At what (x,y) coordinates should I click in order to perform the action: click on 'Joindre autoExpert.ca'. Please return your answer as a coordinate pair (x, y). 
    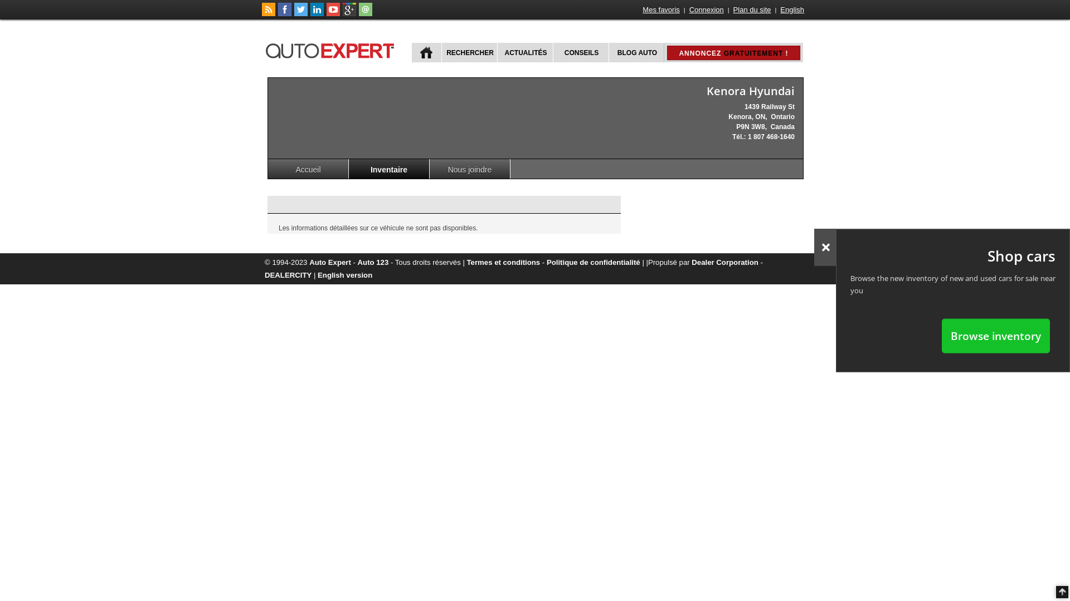
    Looking at the image, I should click on (366, 13).